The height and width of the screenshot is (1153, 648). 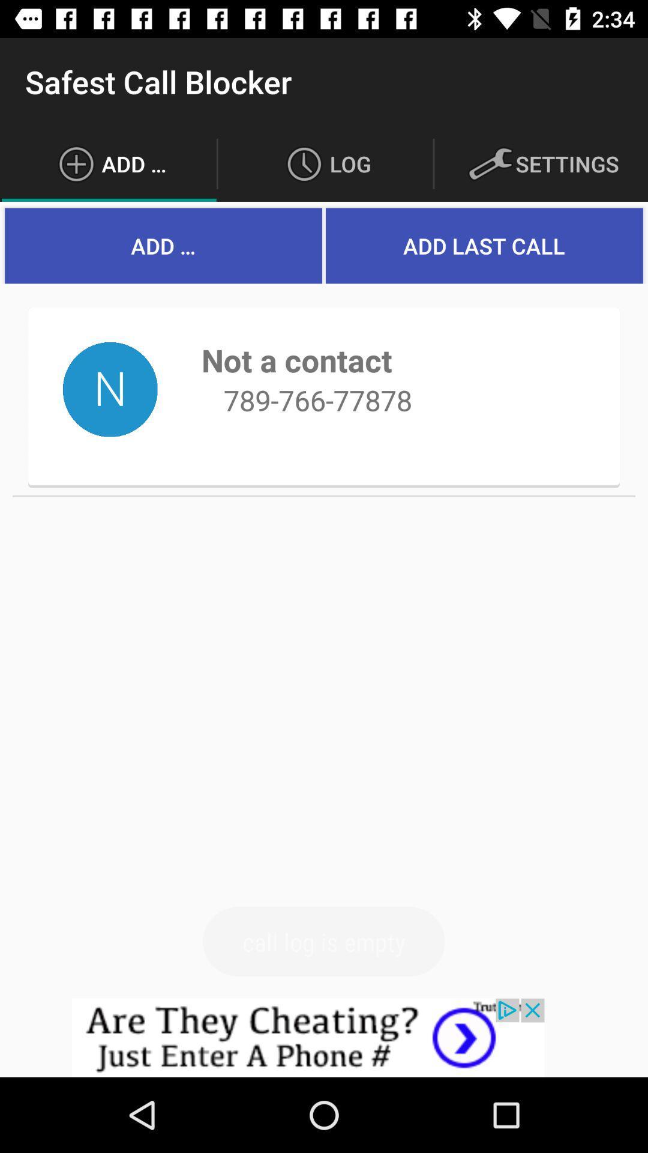 I want to click on advertisement, so click(x=324, y=1037).